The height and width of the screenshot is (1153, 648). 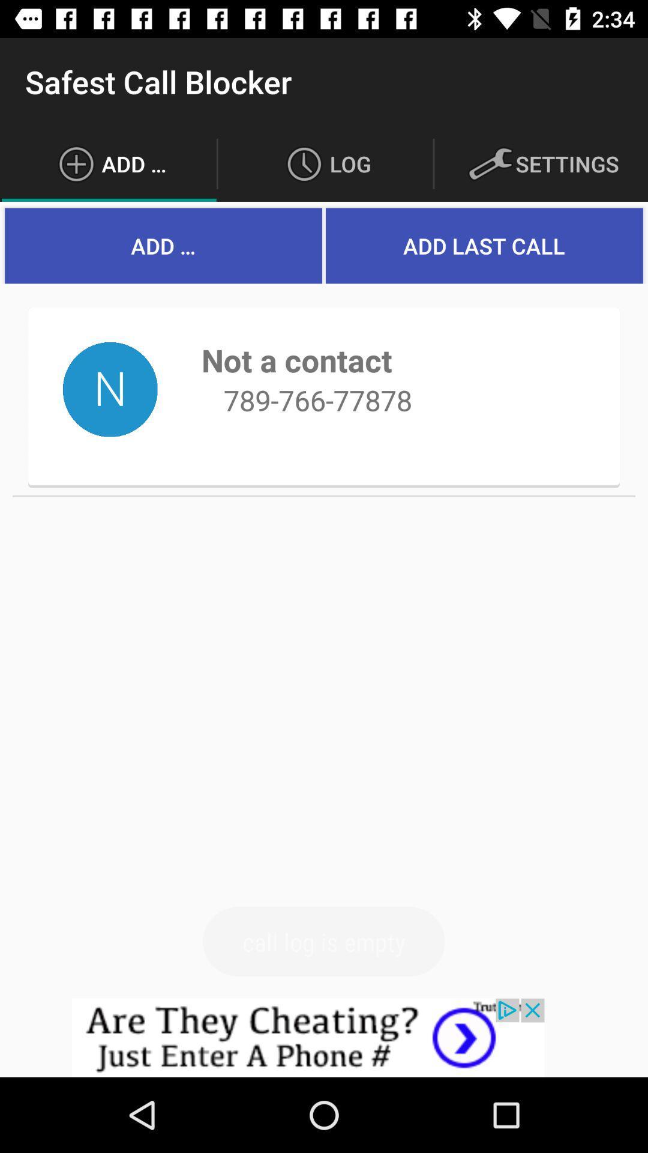 I want to click on advertisement, so click(x=324, y=1037).